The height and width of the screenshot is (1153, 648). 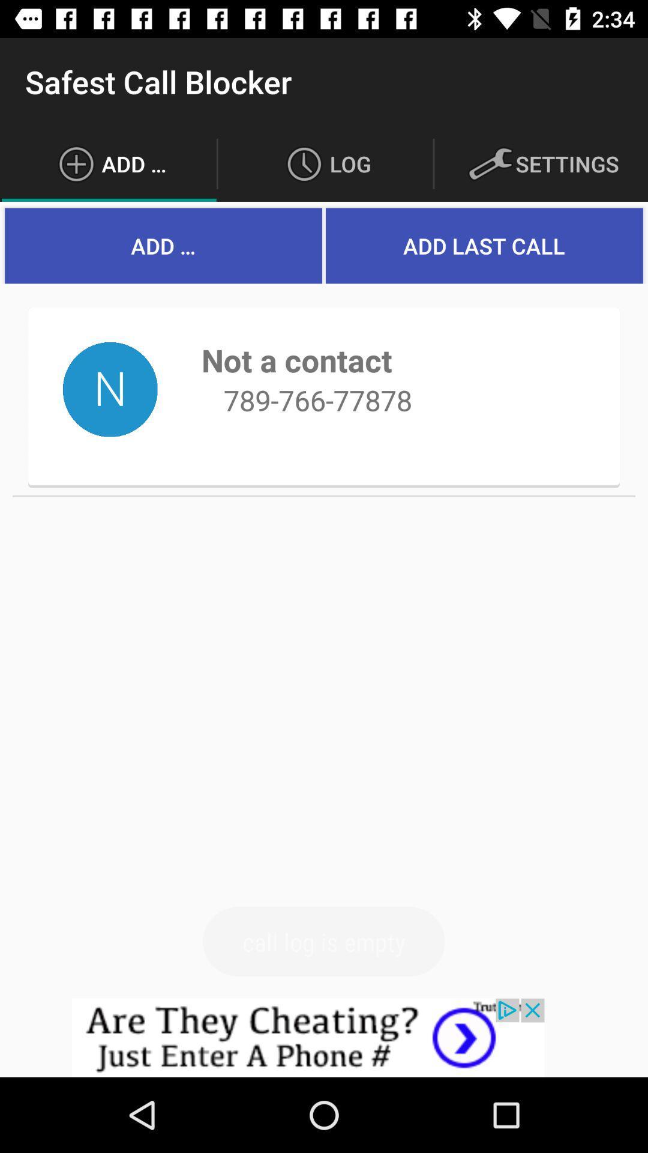 I want to click on advertisement, so click(x=324, y=1037).